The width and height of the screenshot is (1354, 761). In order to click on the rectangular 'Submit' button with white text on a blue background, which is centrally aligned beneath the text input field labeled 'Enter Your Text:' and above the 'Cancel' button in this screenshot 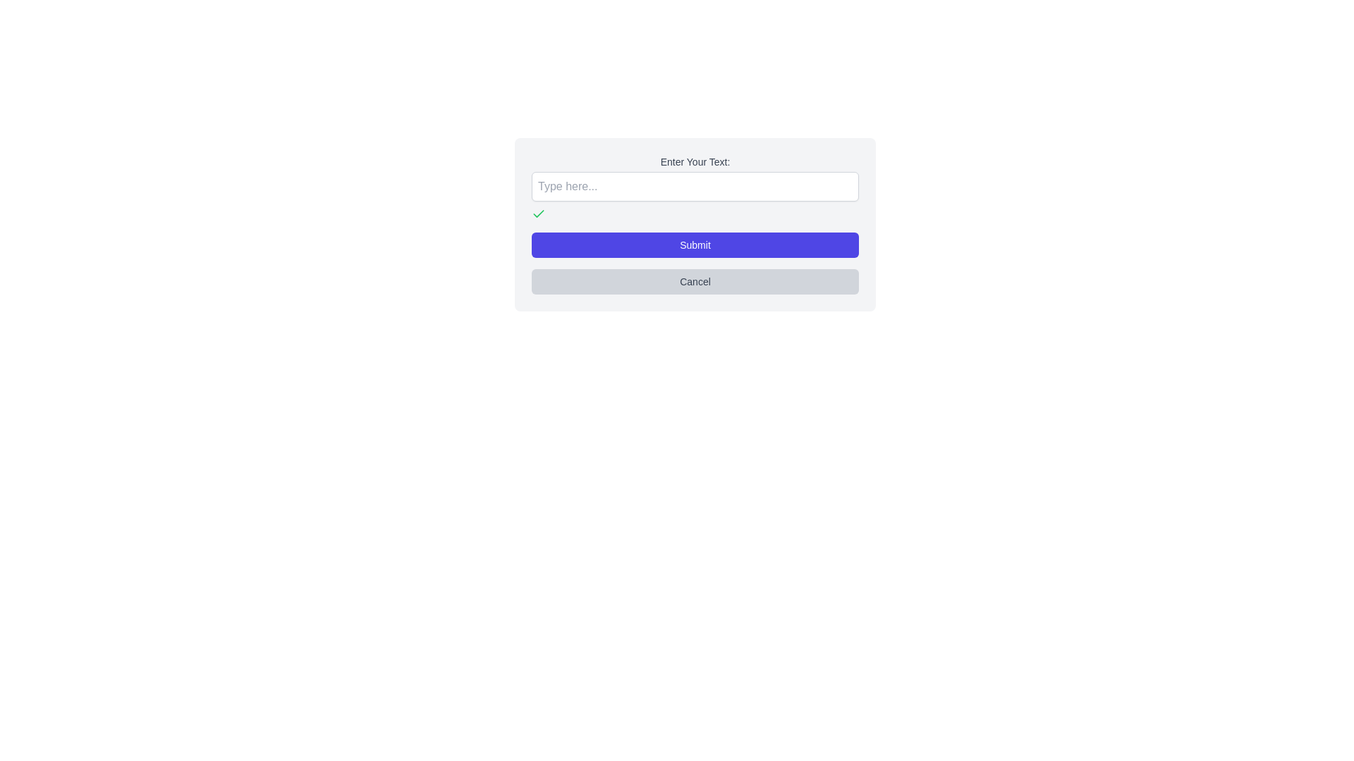, I will do `click(695, 224)`.